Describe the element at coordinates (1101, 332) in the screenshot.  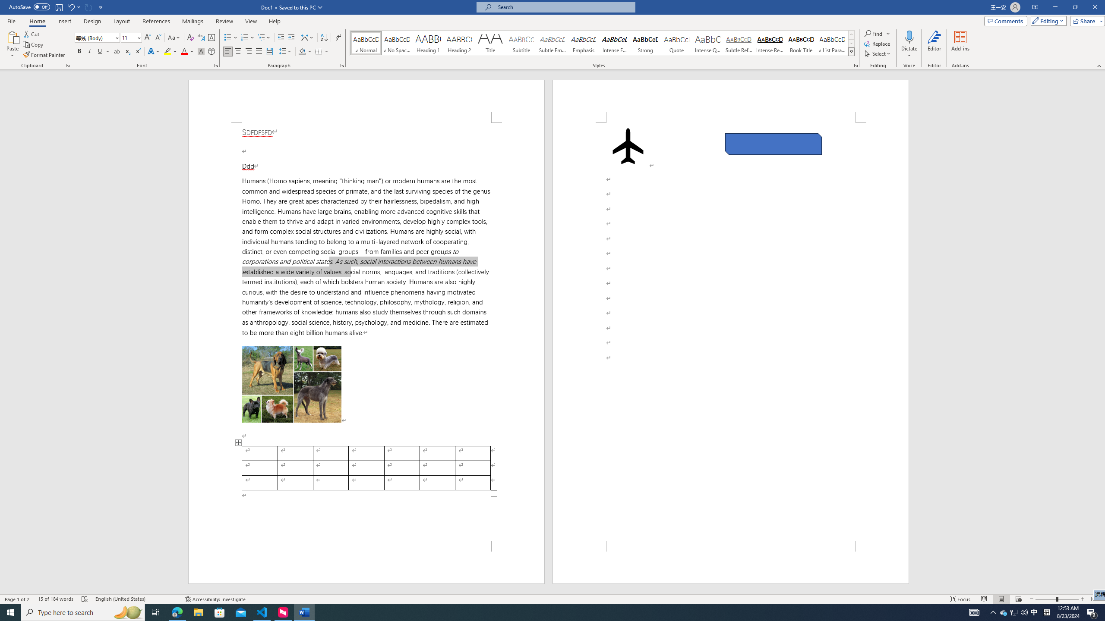
I see `'Class: NetUIScrollBar'` at that location.